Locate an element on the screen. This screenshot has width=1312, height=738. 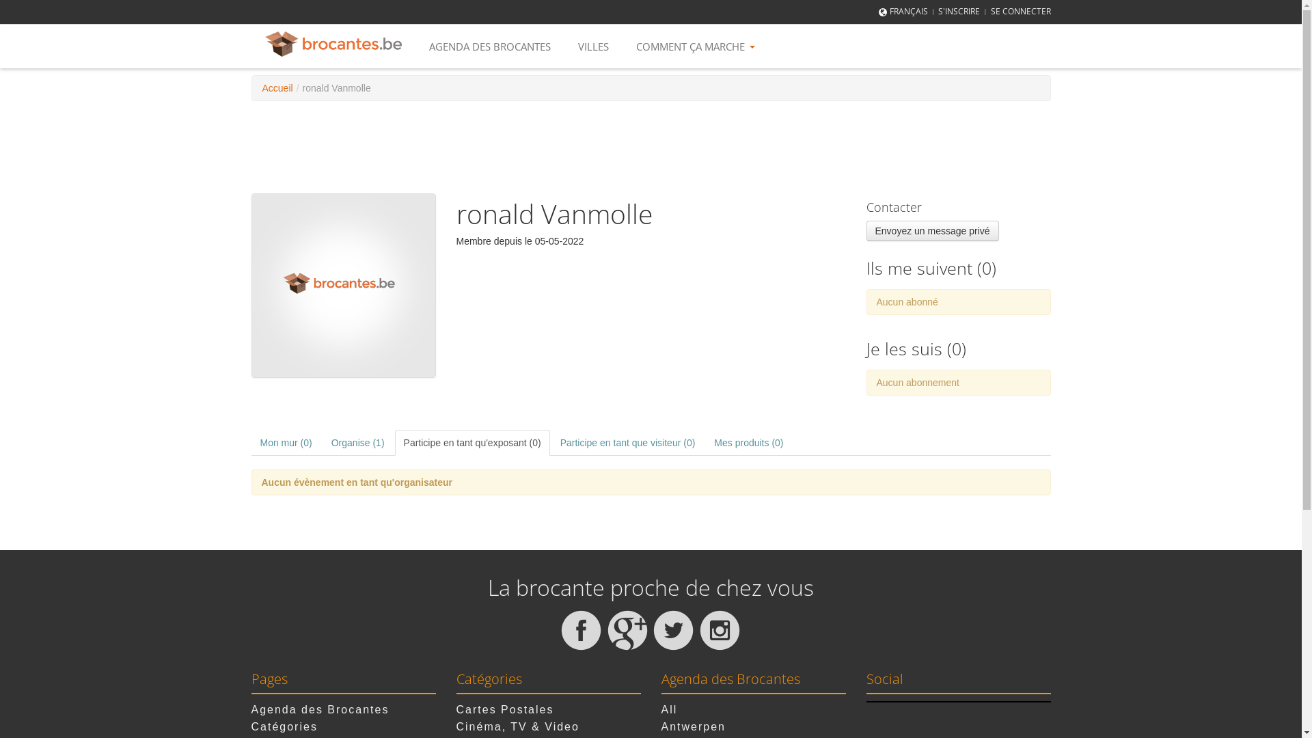
'AGENDA DES BROCANTES' is located at coordinates (489, 46).